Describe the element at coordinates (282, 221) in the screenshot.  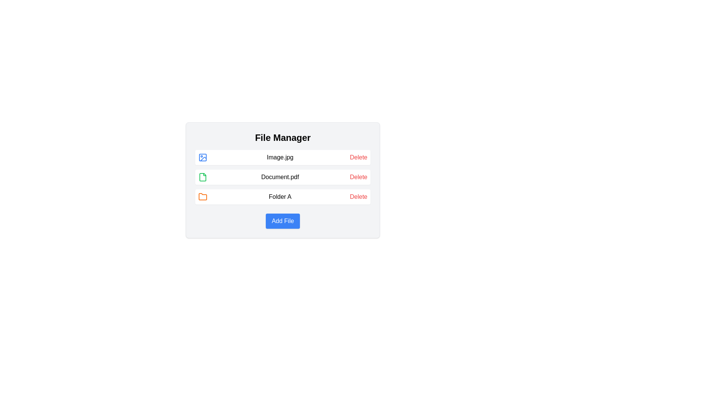
I see `the 'Add File' button located at the bottom of the 'File Manager' modal to initiate the file upload or creation process` at that location.